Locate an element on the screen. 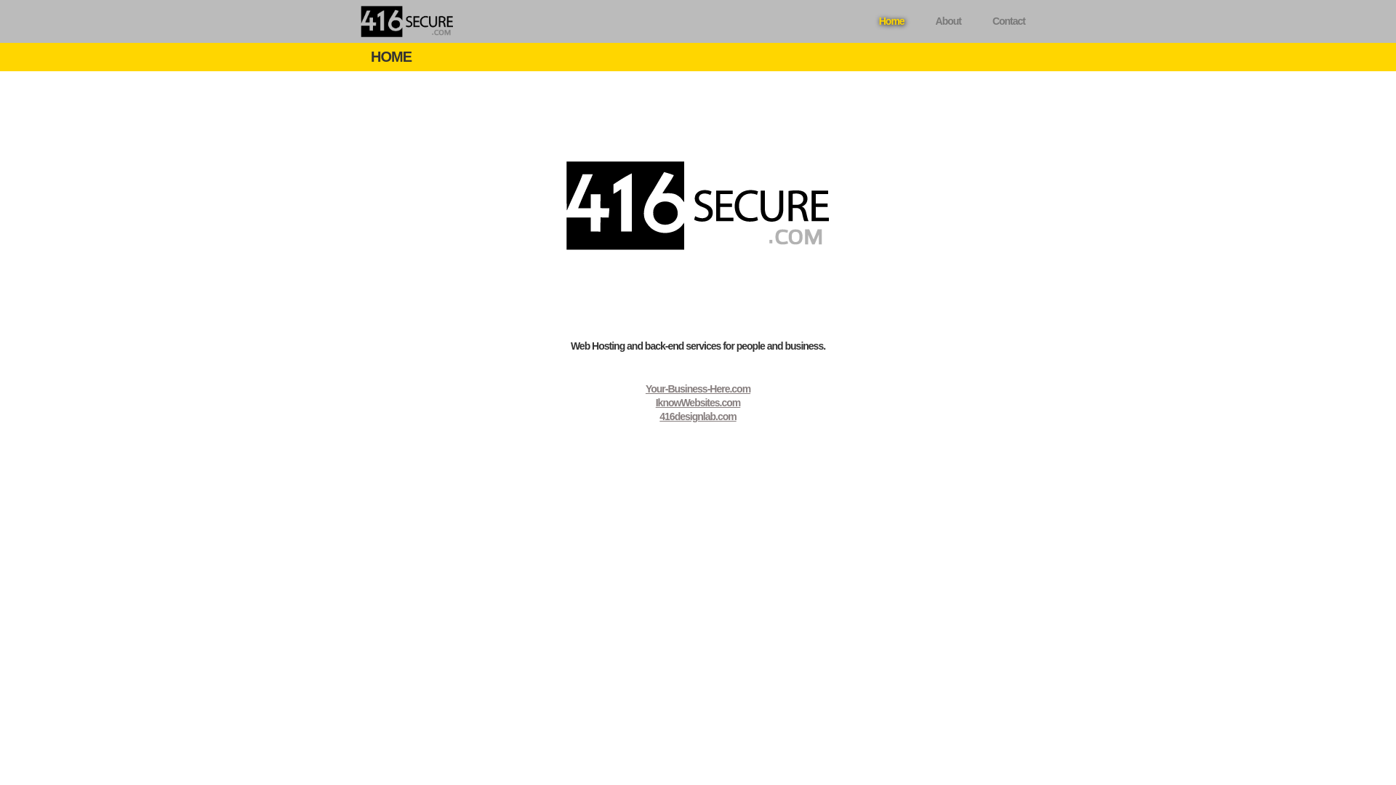 The width and height of the screenshot is (1396, 785). 'IknowWebsites.com' is located at coordinates (698, 403).